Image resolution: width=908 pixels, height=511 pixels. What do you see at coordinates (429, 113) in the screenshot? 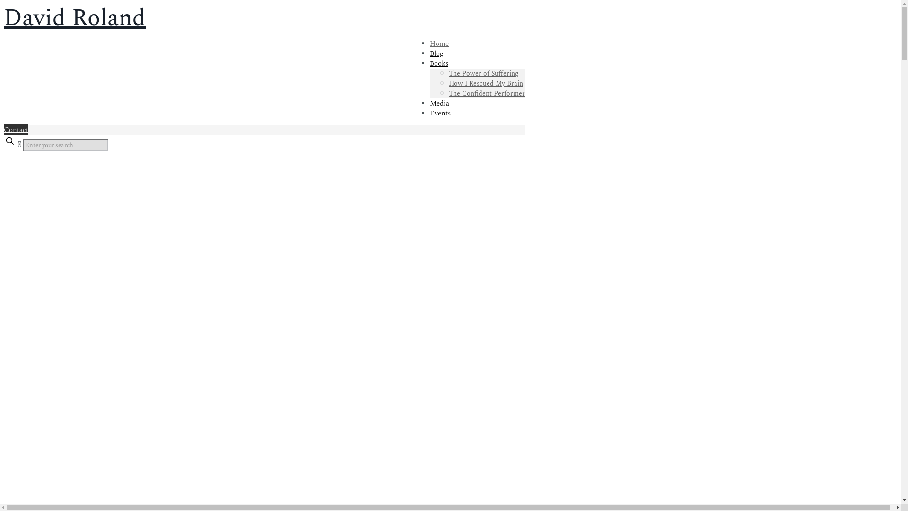
I see `'Events'` at bounding box center [429, 113].